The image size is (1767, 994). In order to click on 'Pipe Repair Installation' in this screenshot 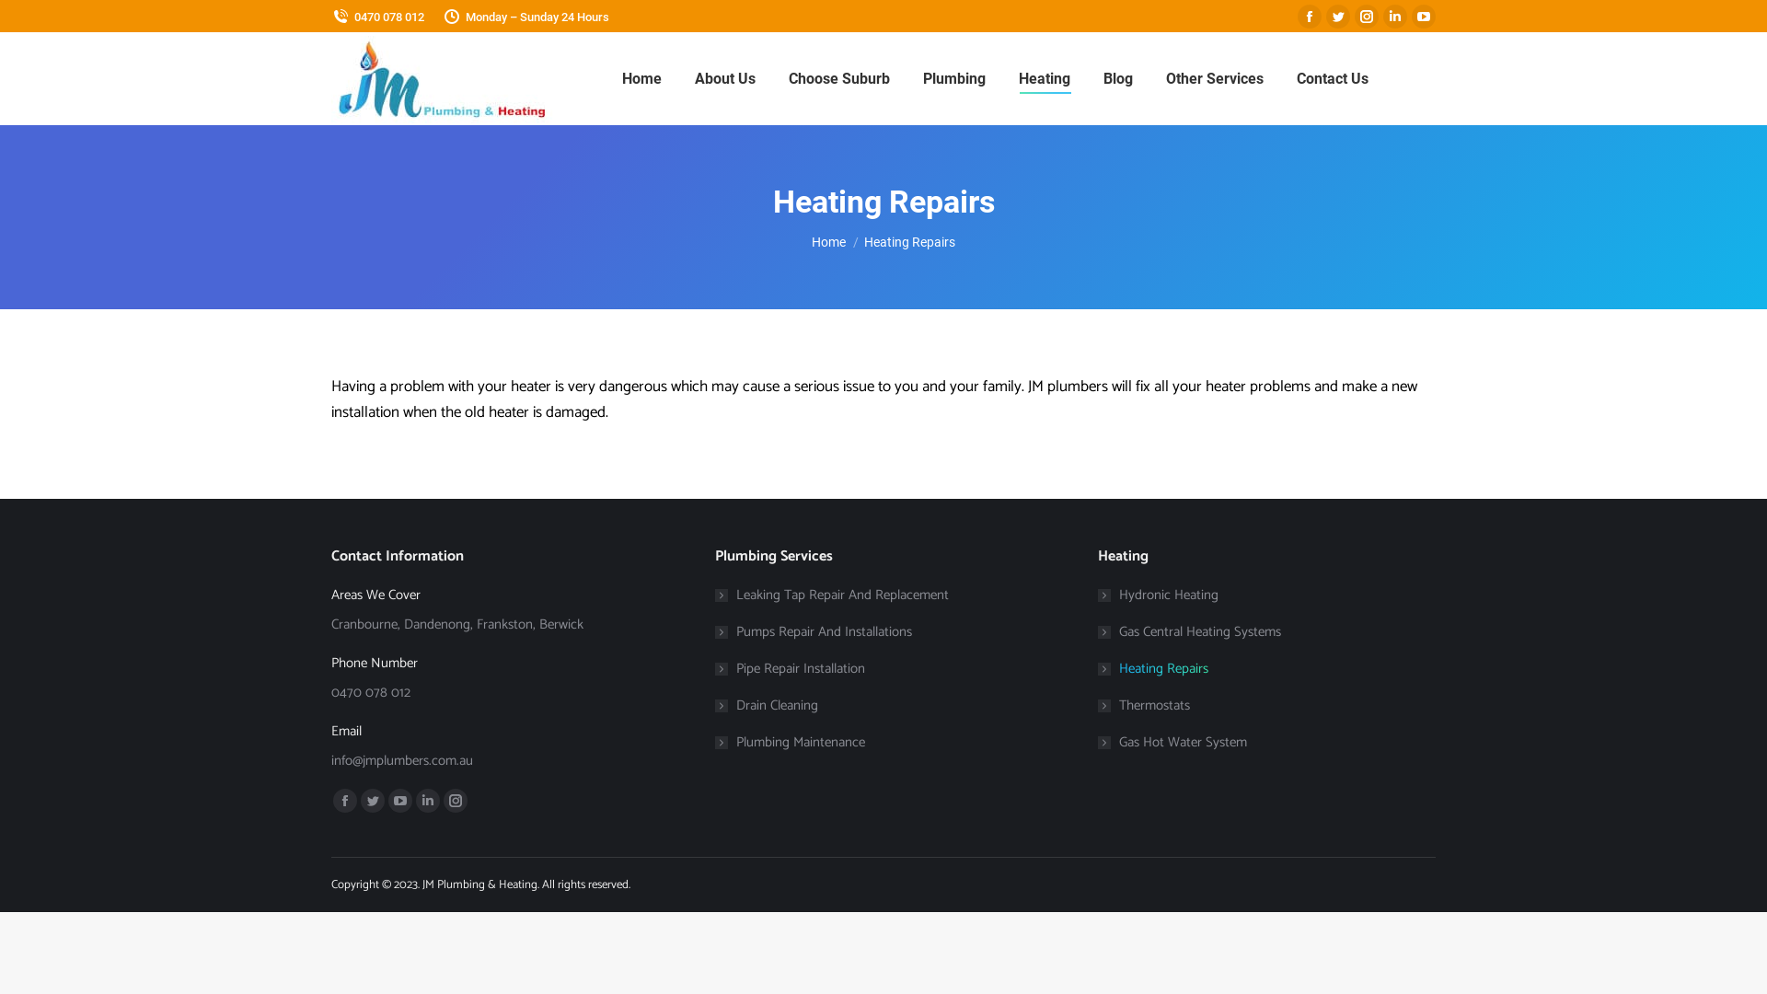, I will do `click(790, 668)`.